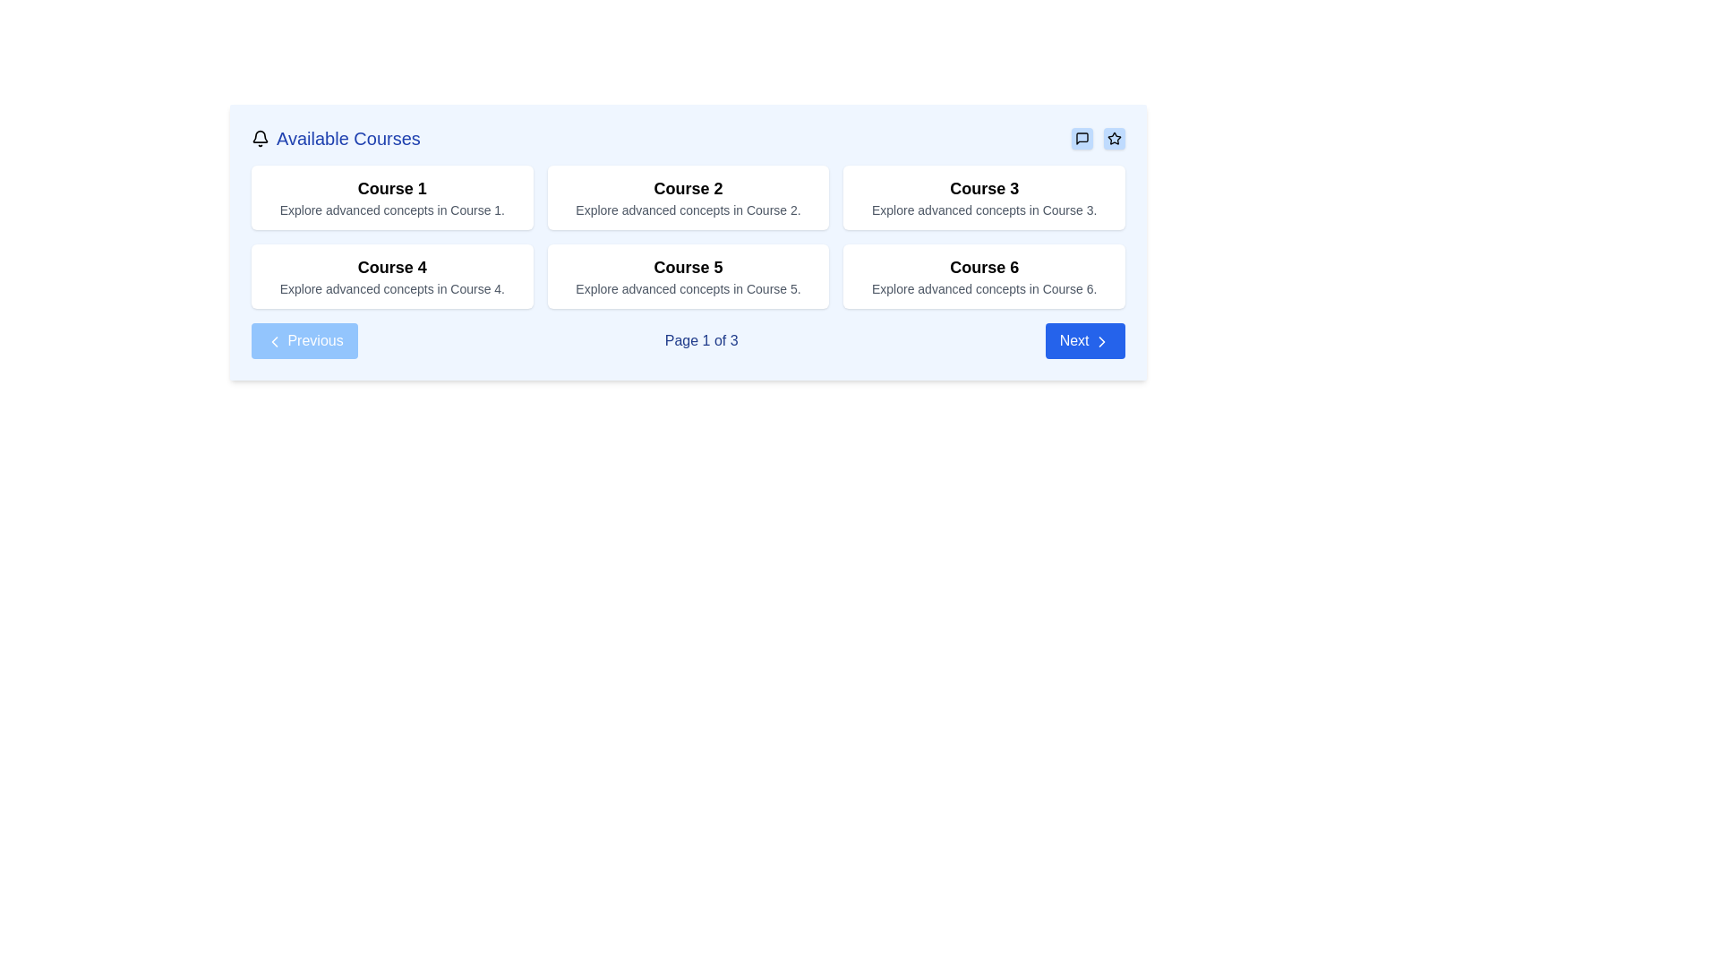 The width and height of the screenshot is (1719, 967). Describe the element at coordinates (1113, 137) in the screenshot. I see `the star icon button with a blue background located at the upper-right corner of the panel` at that location.